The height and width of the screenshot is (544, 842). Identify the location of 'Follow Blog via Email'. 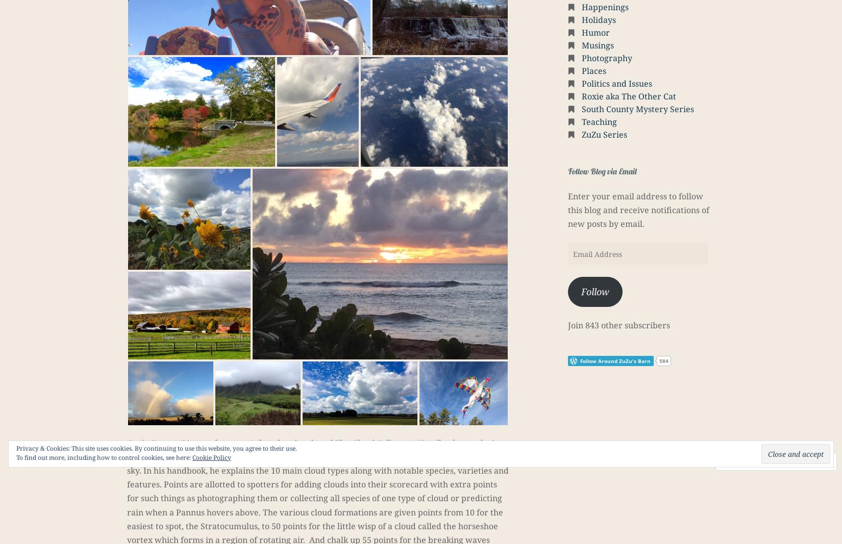
(602, 171).